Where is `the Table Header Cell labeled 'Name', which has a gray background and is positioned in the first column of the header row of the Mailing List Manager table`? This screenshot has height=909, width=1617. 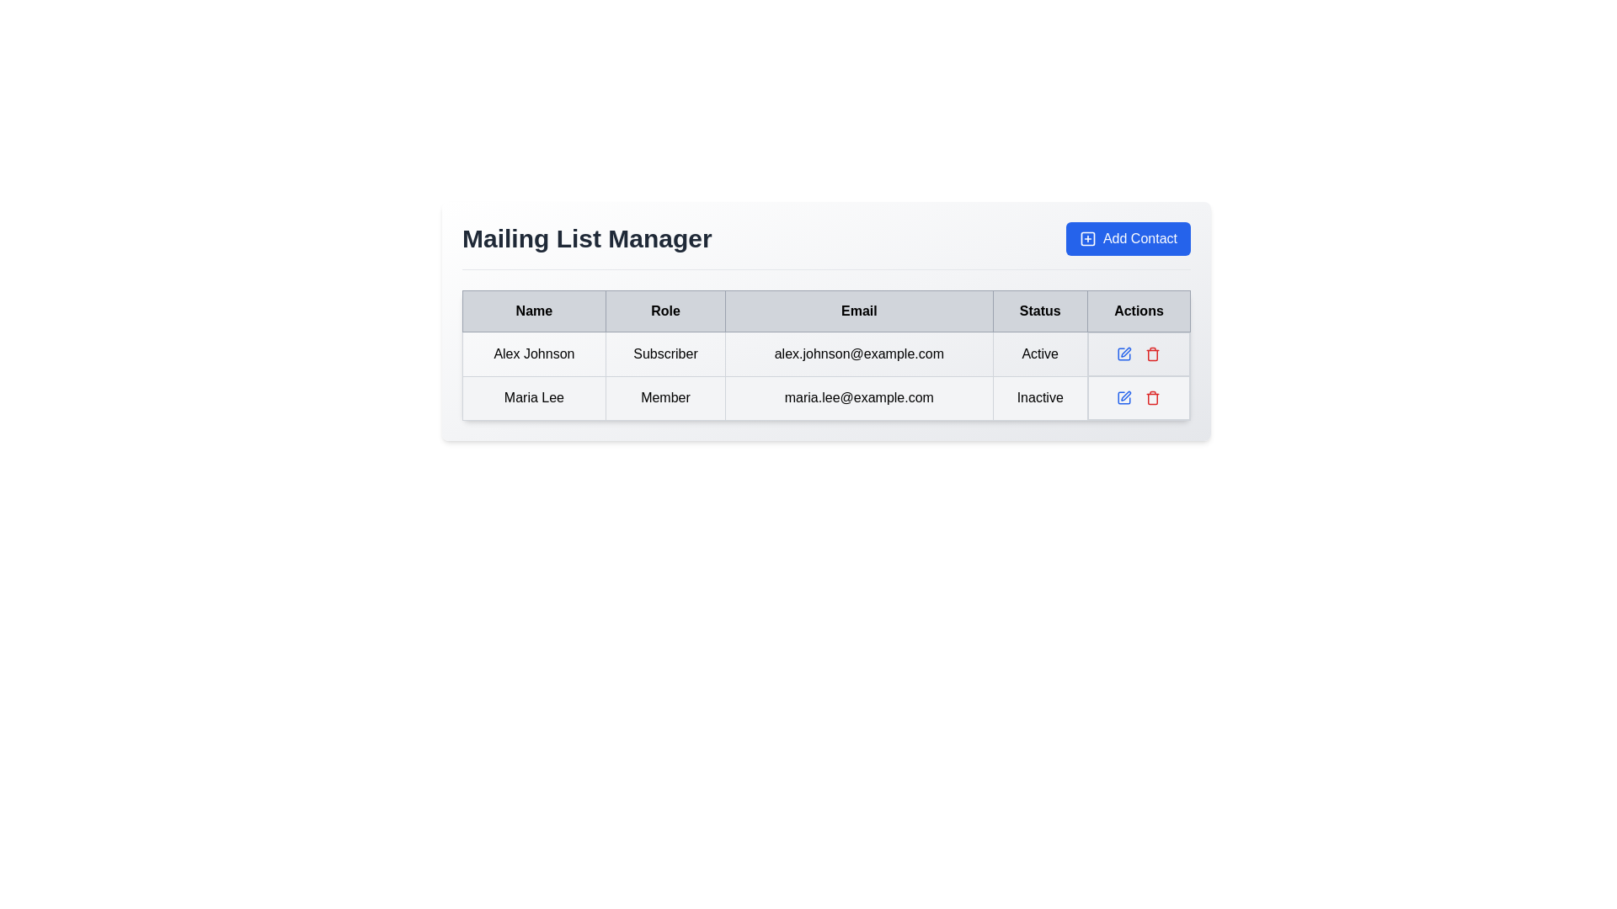
the Table Header Cell labeled 'Name', which has a gray background and is positioned in the first column of the header row of the Mailing List Manager table is located at coordinates (533, 311).